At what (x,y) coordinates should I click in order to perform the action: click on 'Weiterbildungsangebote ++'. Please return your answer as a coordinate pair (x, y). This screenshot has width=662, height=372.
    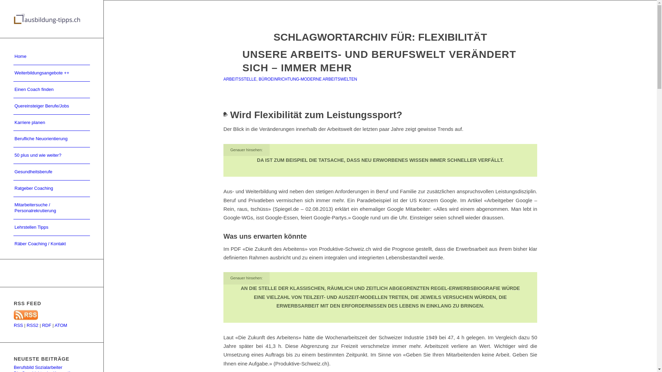
    Looking at the image, I should click on (51, 73).